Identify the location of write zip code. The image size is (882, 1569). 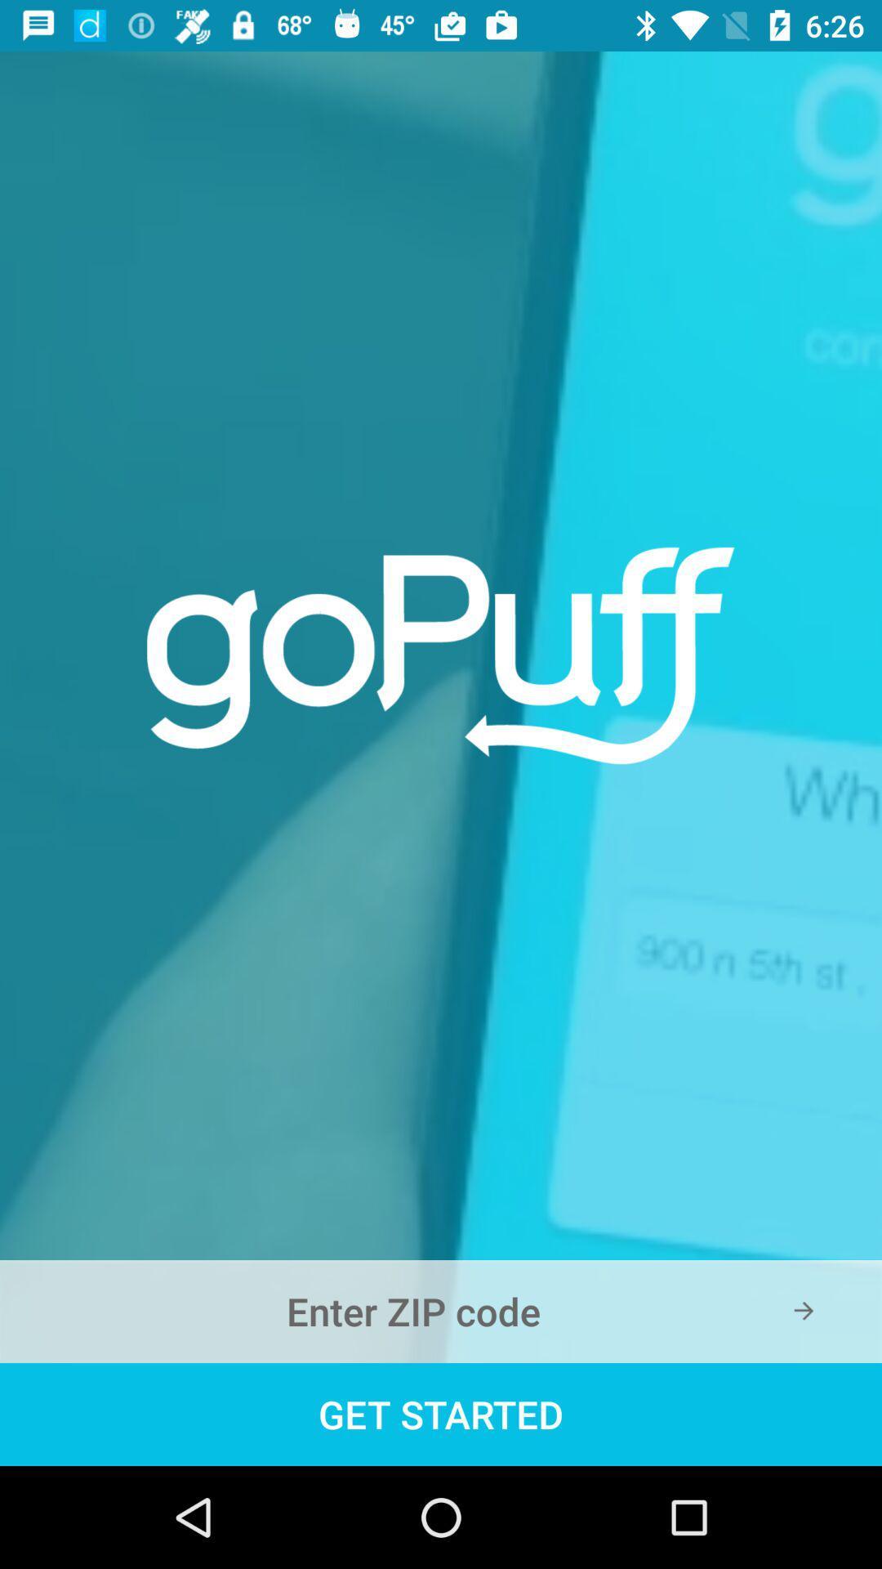
(441, 1311).